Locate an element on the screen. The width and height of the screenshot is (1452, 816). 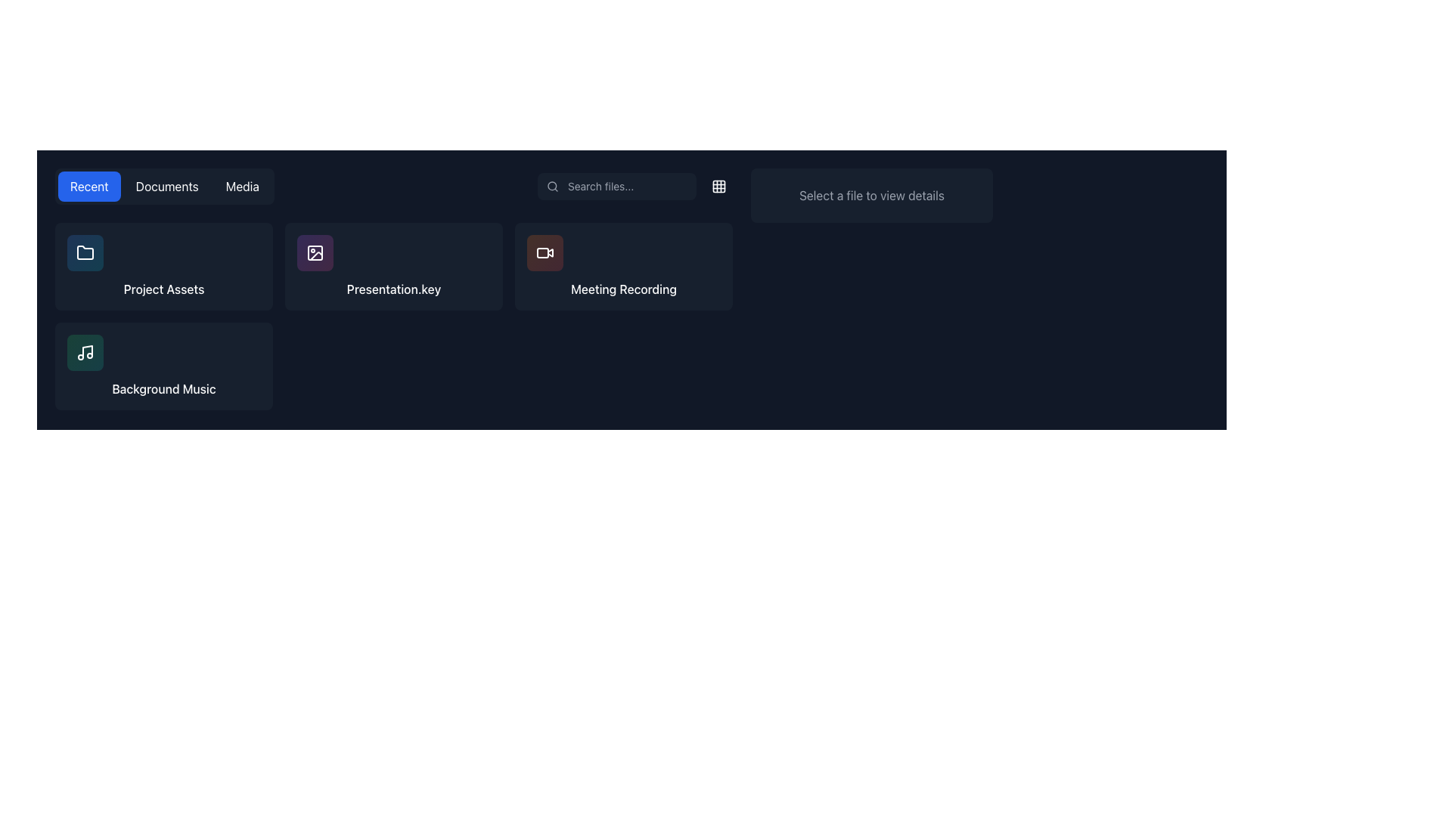
the text label titled 'Meeting Recording' for potential file-related actions is located at coordinates (624, 289).